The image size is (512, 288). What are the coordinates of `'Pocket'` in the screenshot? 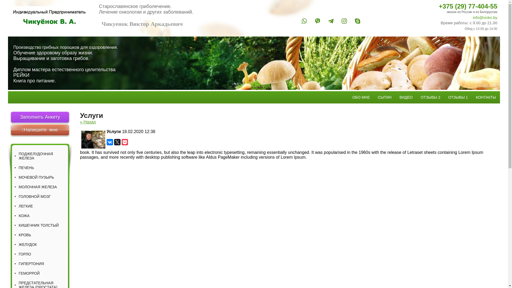 It's located at (124, 142).